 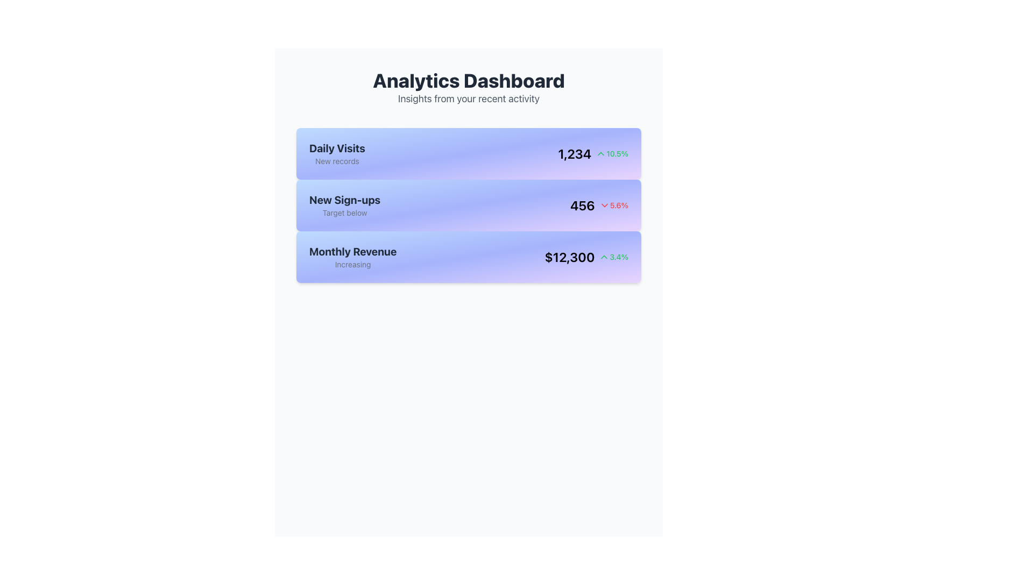 I want to click on the static text element displaying the percentage metric indicator for 'Daily Visits', which is styled in green and positioned to the right of the chevron icon, so click(x=612, y=153).